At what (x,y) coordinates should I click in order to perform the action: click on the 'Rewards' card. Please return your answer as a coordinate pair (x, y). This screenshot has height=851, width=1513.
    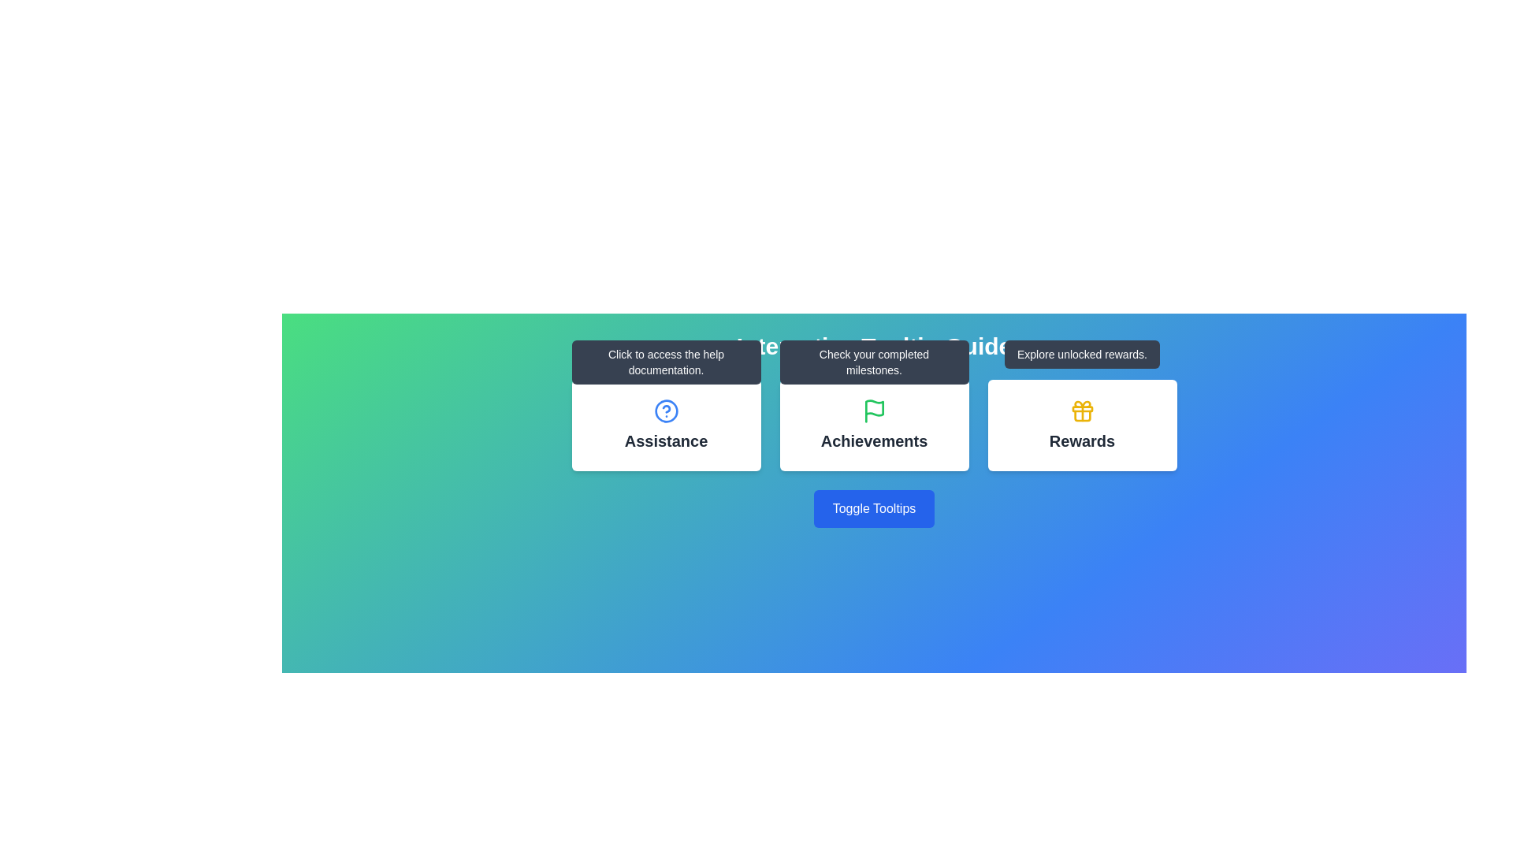
    Looking at the image, I should click on (1081, 425).